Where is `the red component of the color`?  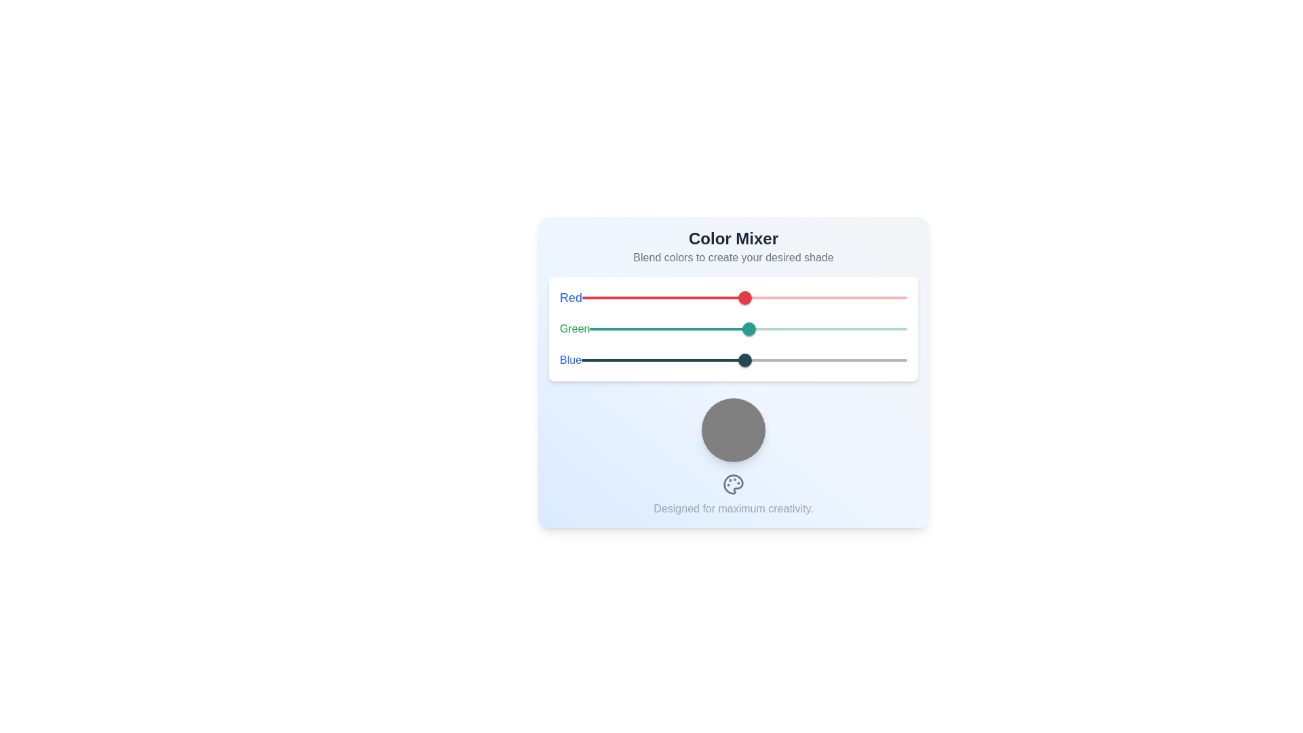 the red component of the color is located at coordinates (744, 297).